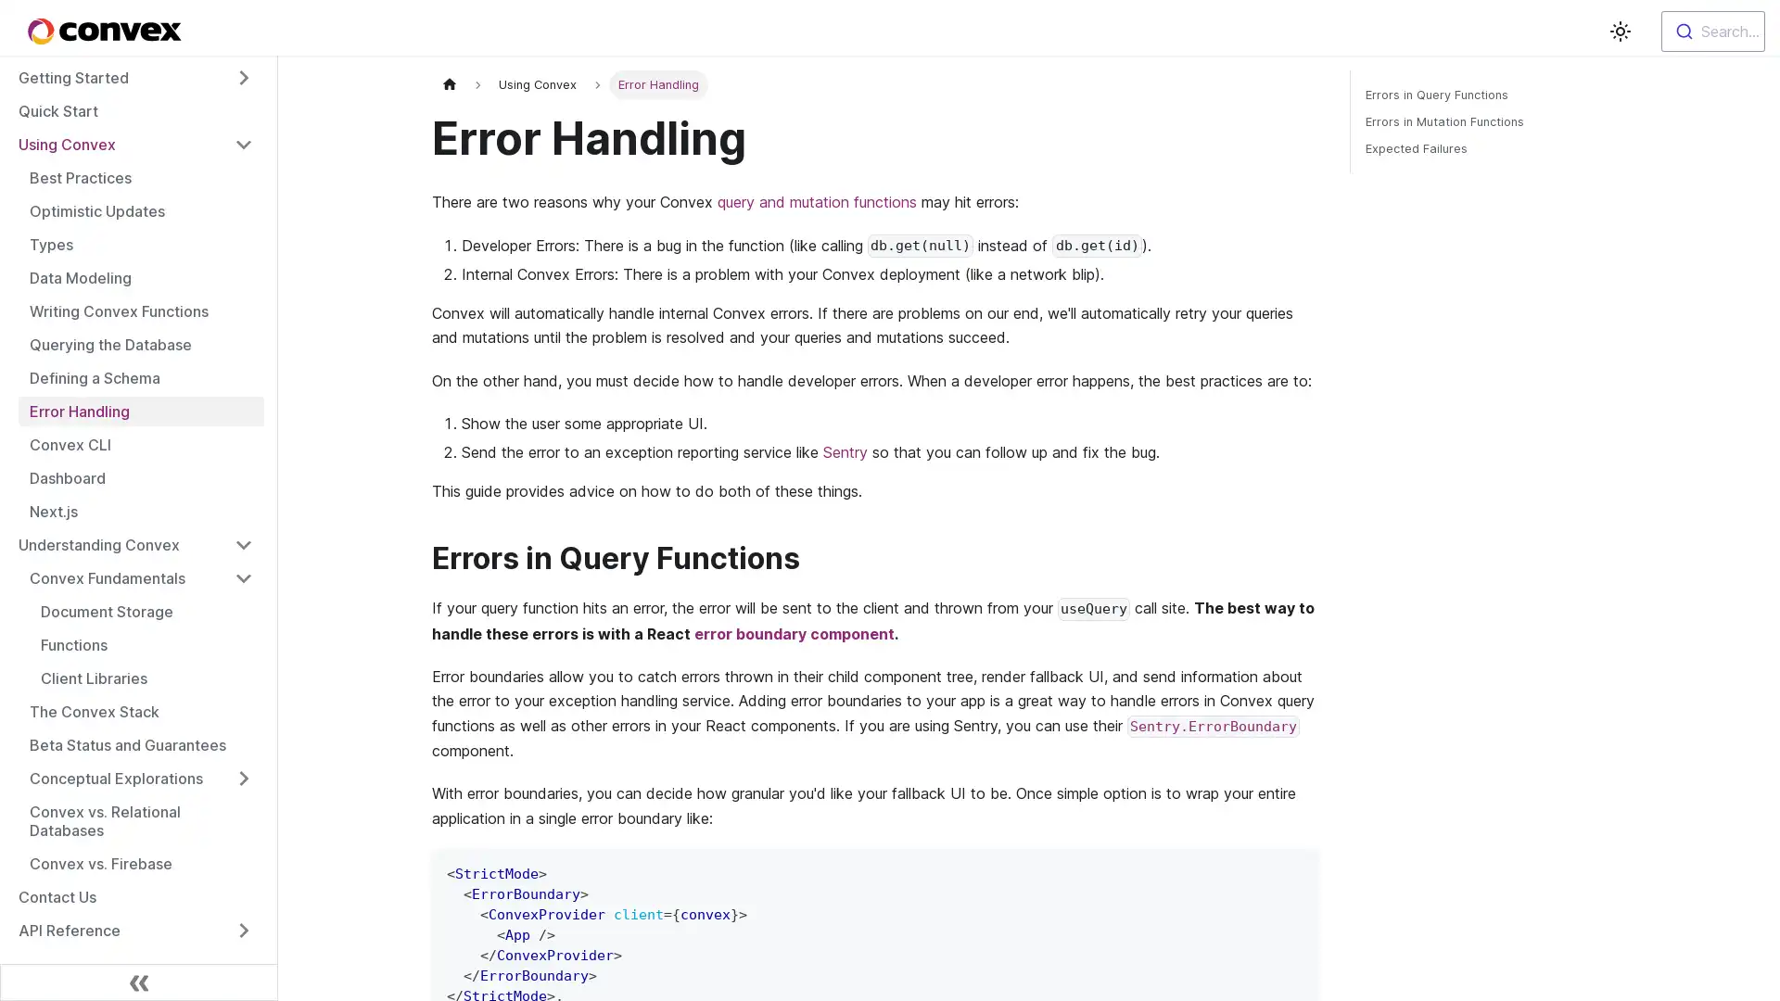 The image size is (1780, 1001). Describe the element at coordinates (1619, 32) in the screenshot. I see `Switch between dark and light mode (currently light mode)` at that location.